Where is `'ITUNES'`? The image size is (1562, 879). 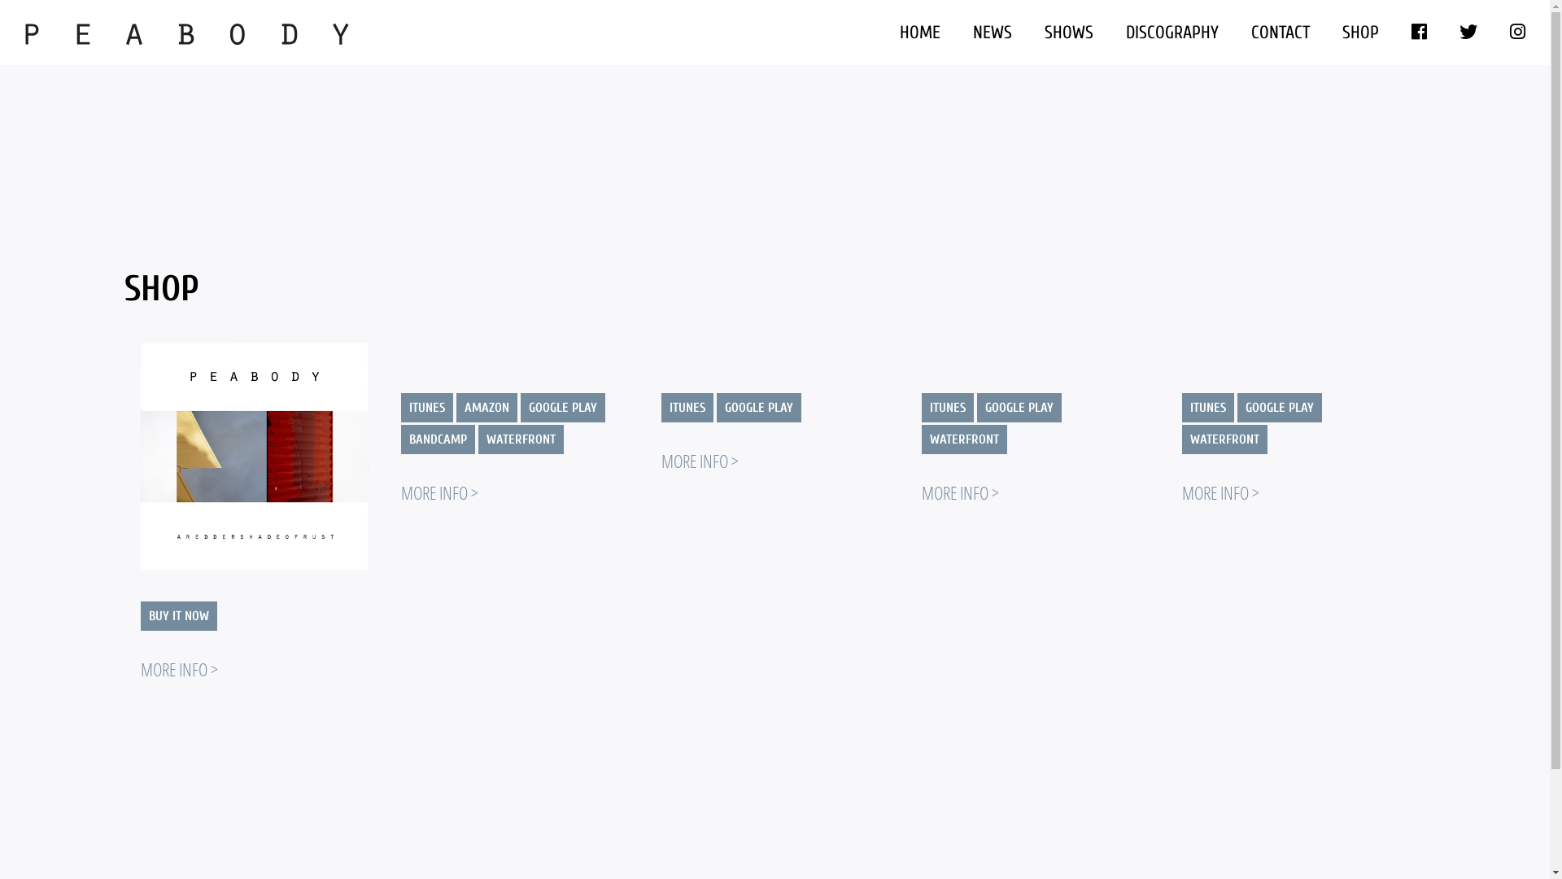
'ITUNES' is located at coordinates (1206, 407).